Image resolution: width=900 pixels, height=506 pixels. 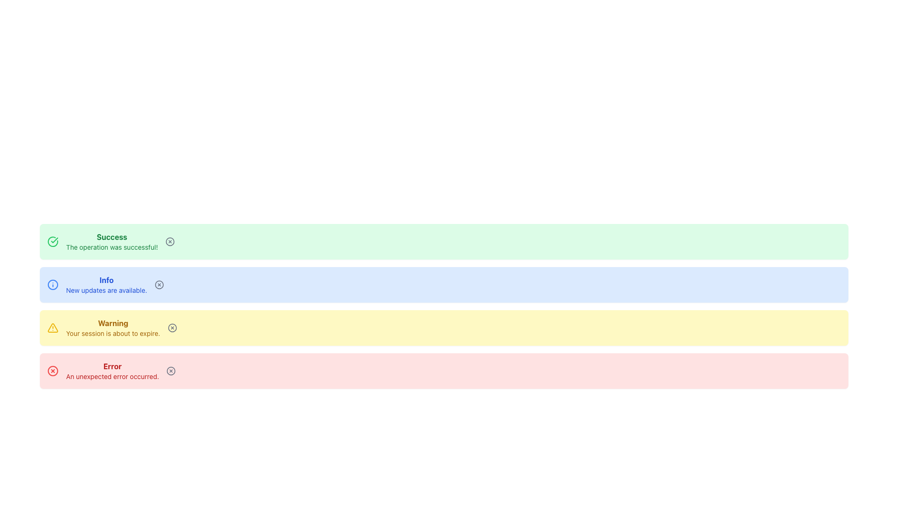 I want to click on the second notification card in the stacked series of alert messages by moving the cursor to its center for accessibility, so click(x=443, y=284).